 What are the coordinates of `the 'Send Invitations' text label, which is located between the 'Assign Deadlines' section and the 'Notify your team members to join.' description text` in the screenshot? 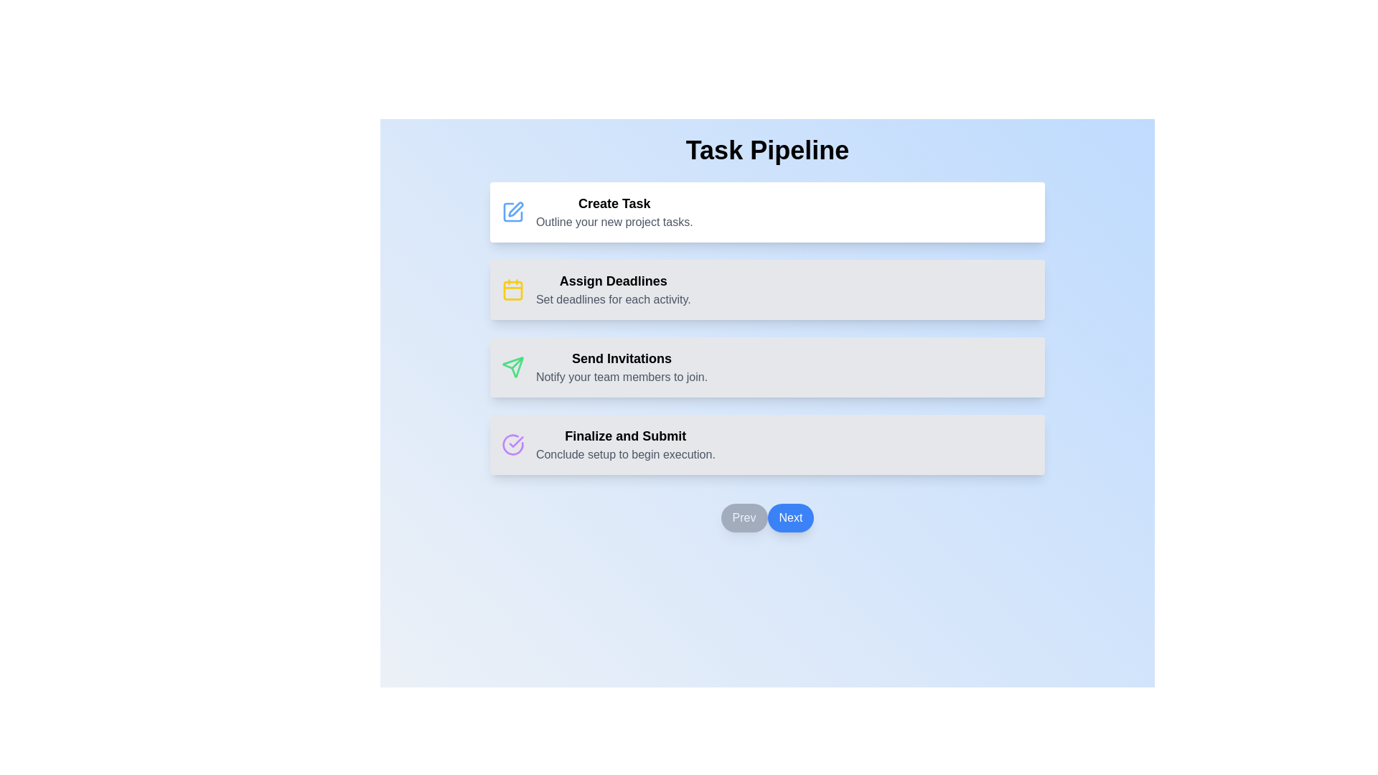 It's located at (622, 358).